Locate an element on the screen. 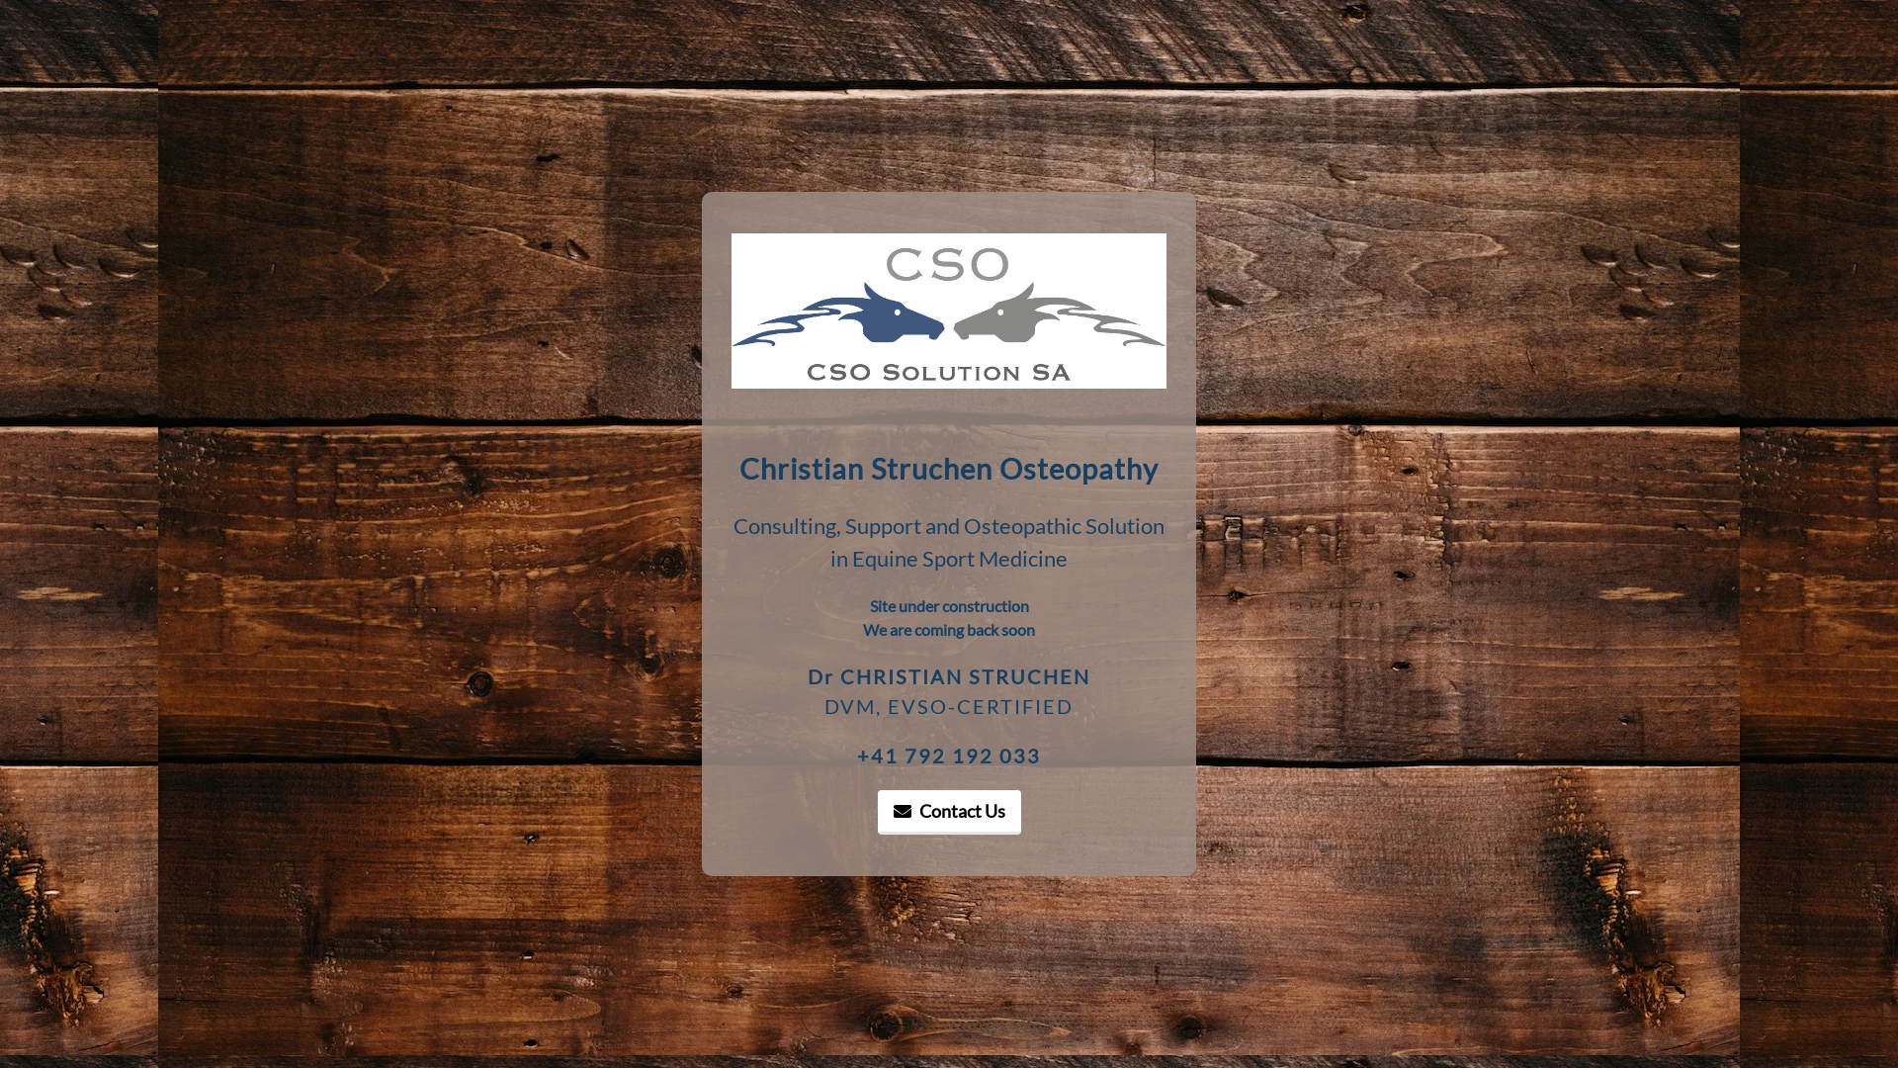 This screenshot has height=1068, width=1898. 'Contact Us' is located at coordinates (877, 812).